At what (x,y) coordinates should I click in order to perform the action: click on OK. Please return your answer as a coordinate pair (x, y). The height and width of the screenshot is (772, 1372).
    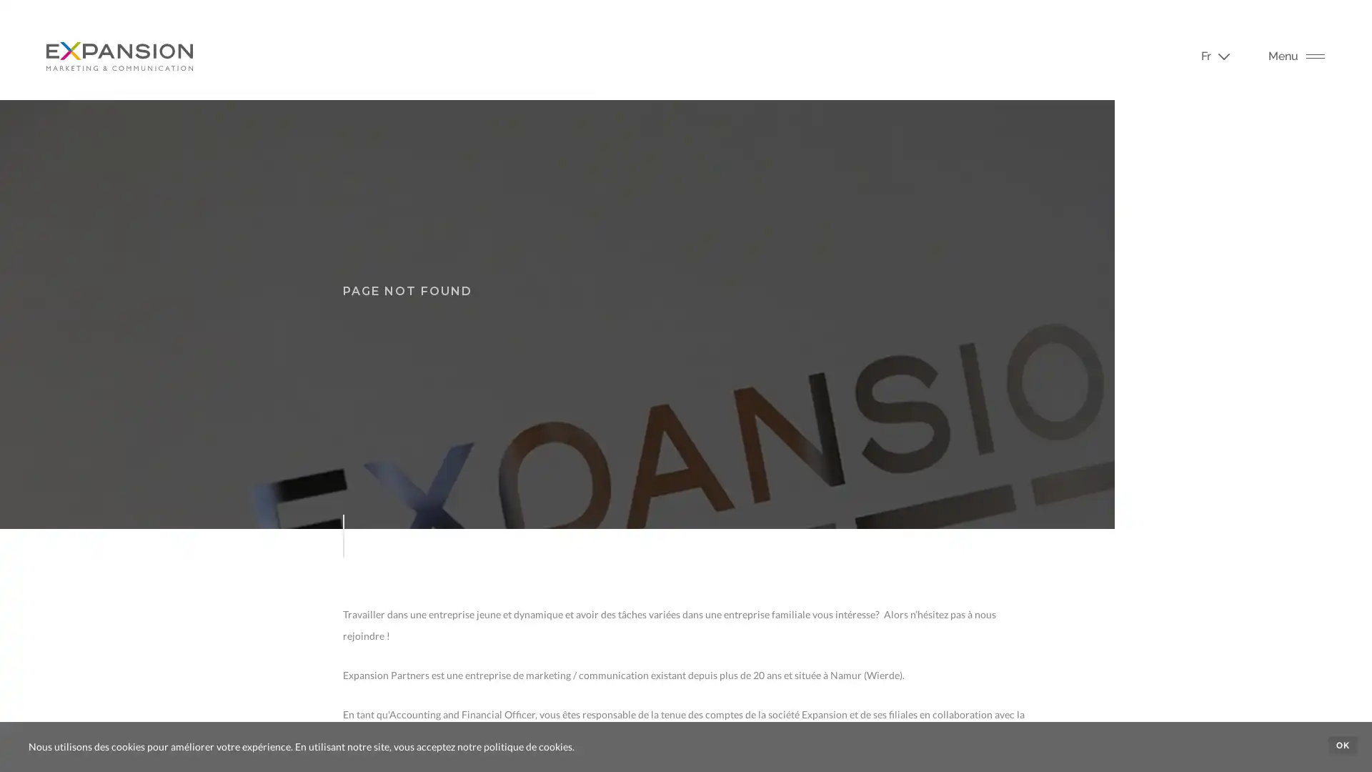
    Looking at the image, I should click on (1342, 744).